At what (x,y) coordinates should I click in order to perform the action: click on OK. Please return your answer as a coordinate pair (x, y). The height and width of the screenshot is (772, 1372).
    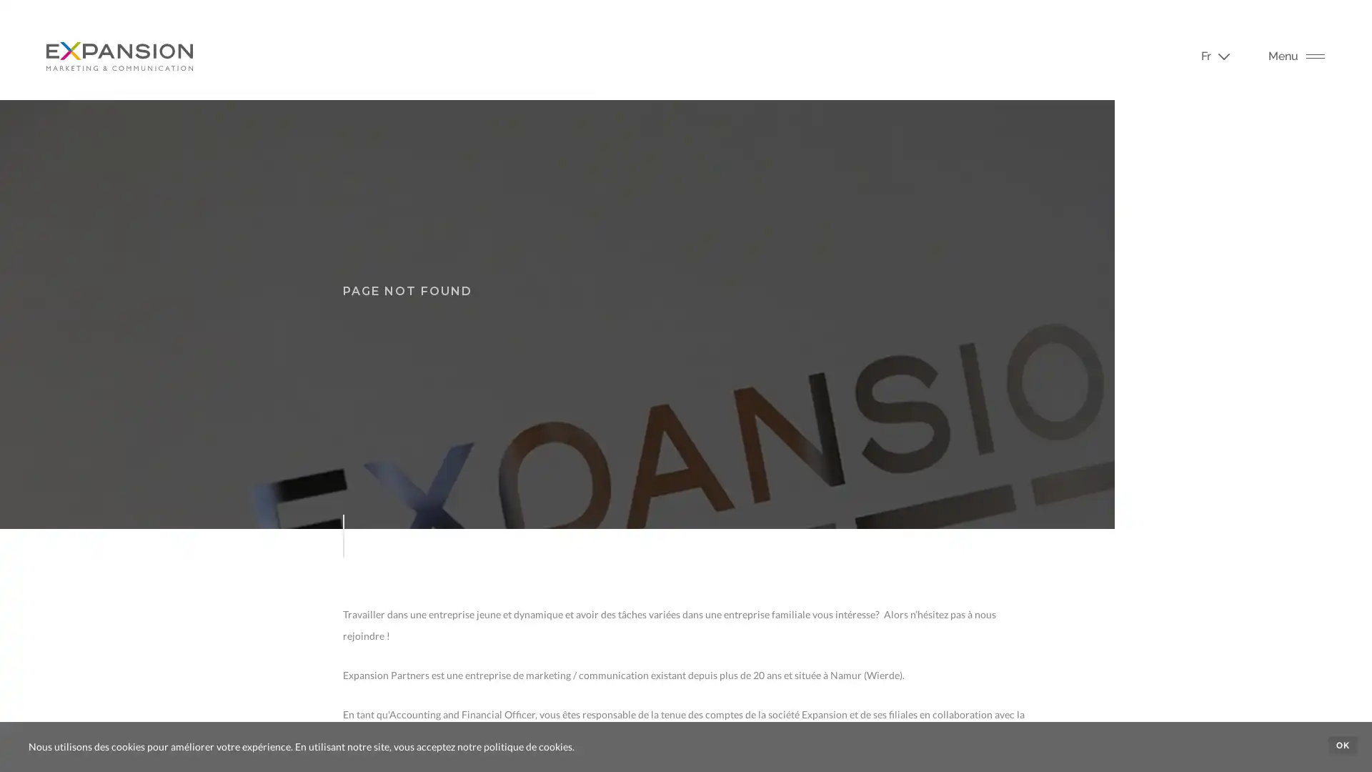
    Looking at the image, I should click on (1342, 744).